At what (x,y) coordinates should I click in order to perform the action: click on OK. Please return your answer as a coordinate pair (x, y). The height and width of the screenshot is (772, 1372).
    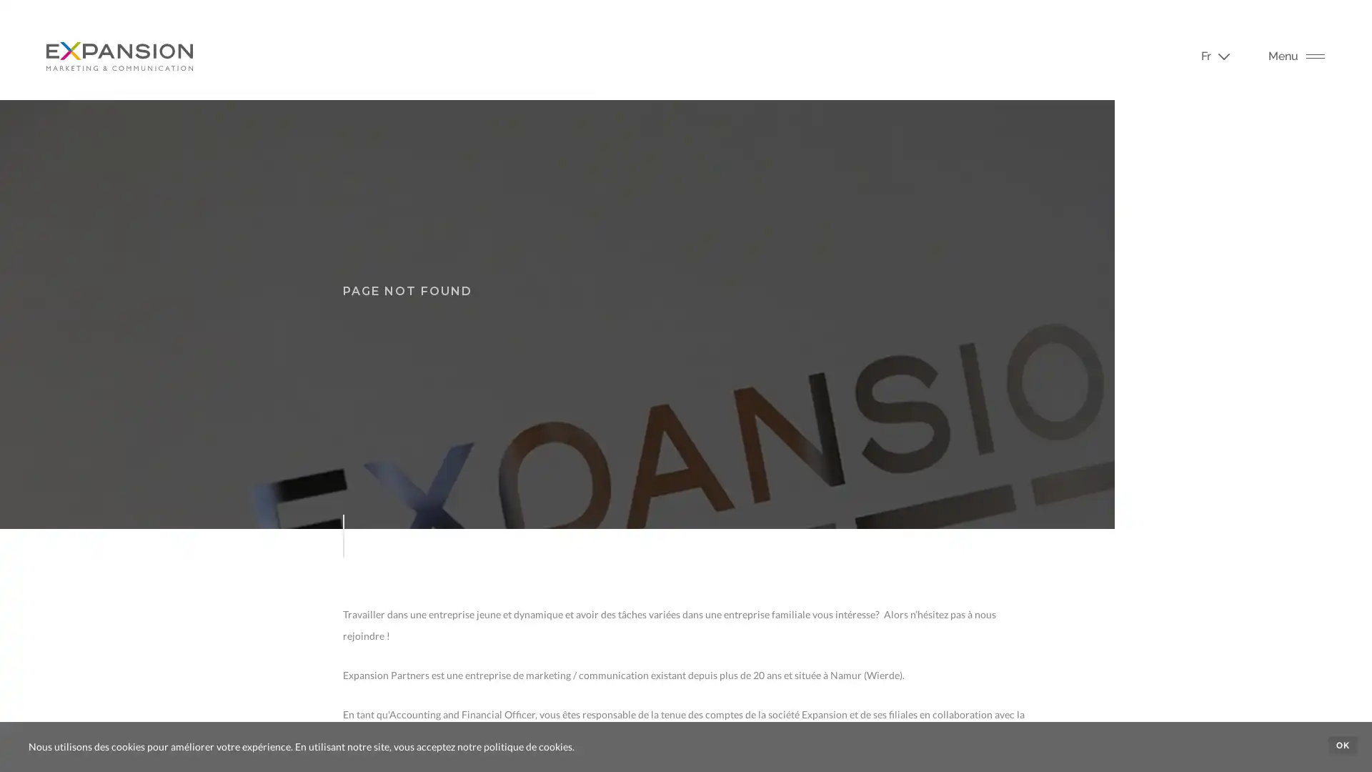
    Looking at the image, I should click on (1342, 744).